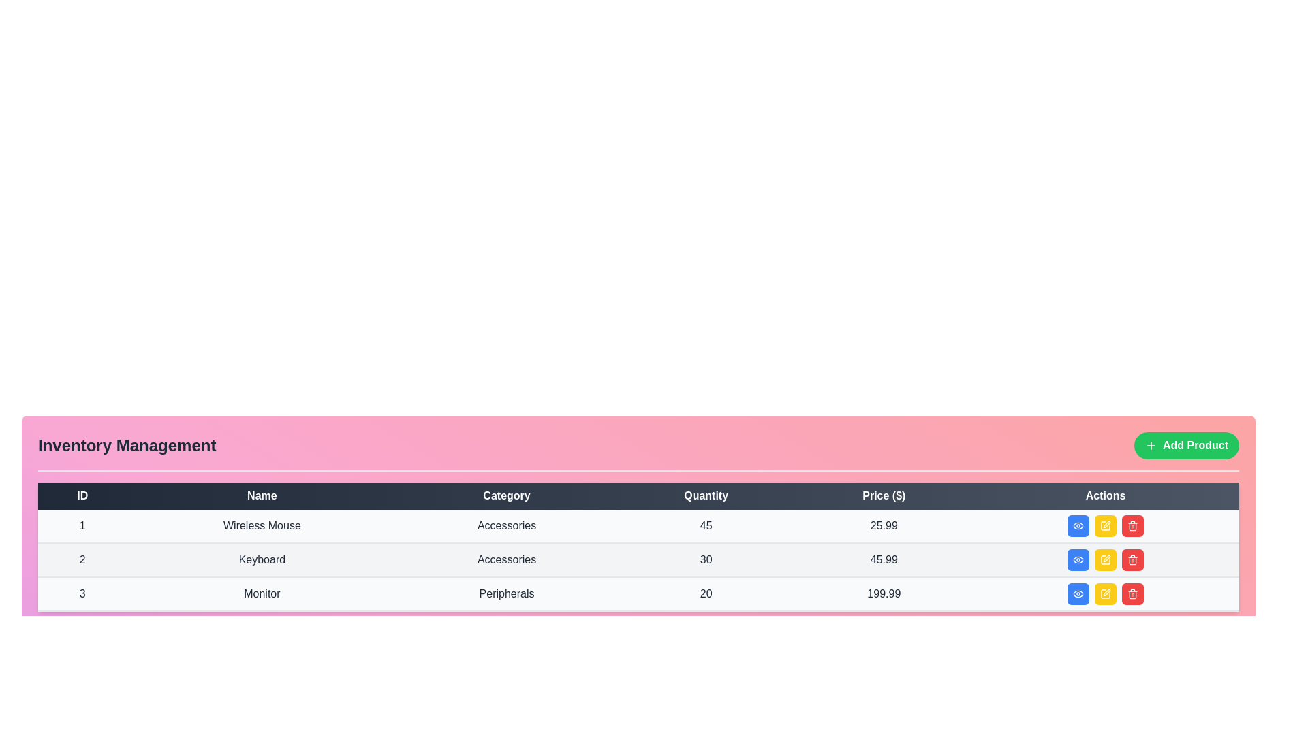 This screenshot has height=735, width=1308. I want to click on the edit button in the 'Actions' column of the second row of the table to initiate the editing action, so click(1106, 559).